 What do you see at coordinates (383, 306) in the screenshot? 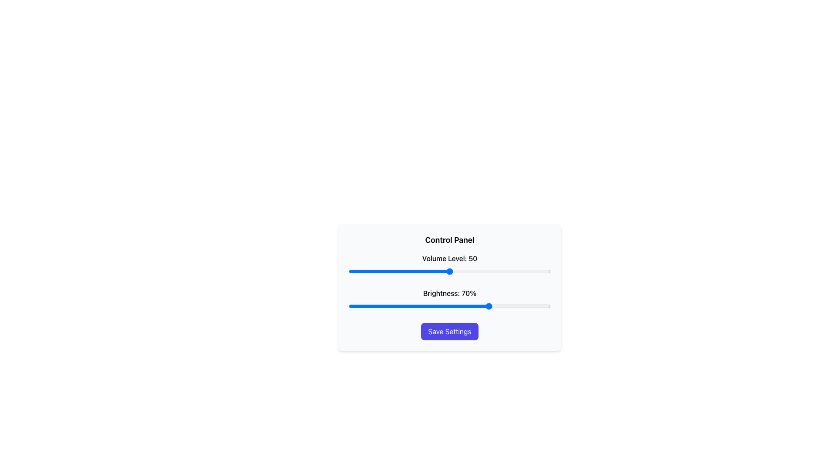
I see `brightness` at bounding box center [383, 306].